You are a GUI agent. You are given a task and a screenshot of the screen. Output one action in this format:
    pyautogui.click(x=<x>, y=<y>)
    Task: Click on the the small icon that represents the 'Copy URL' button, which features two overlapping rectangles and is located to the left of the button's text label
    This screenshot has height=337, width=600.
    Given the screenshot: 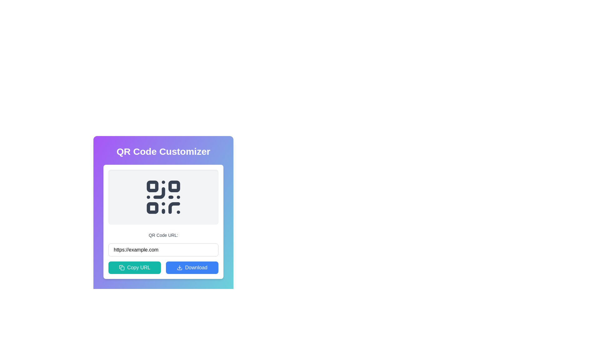 What is the action you would take?
    pyautogui.click(x=122, y=267)
    